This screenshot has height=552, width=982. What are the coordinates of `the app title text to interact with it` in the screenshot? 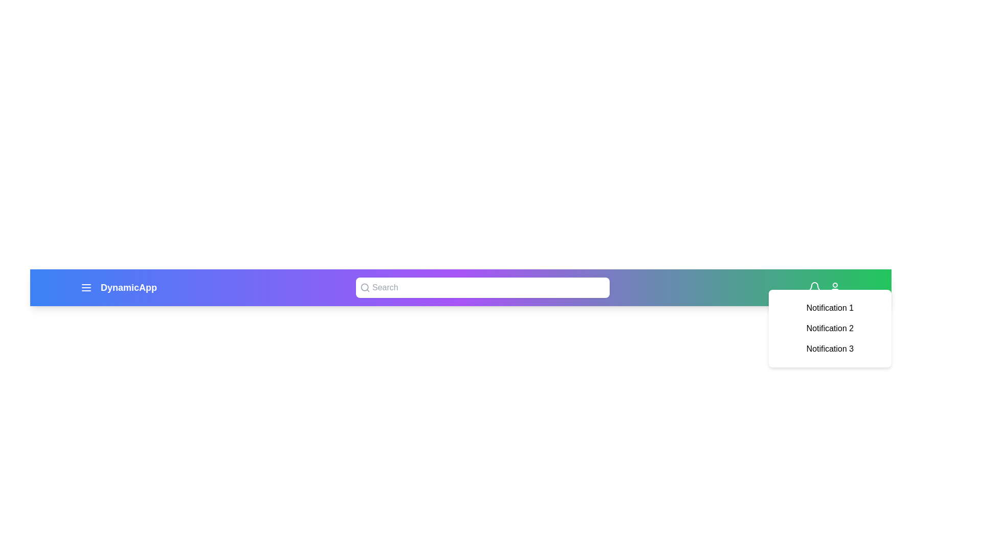 It's located at (128, 288).